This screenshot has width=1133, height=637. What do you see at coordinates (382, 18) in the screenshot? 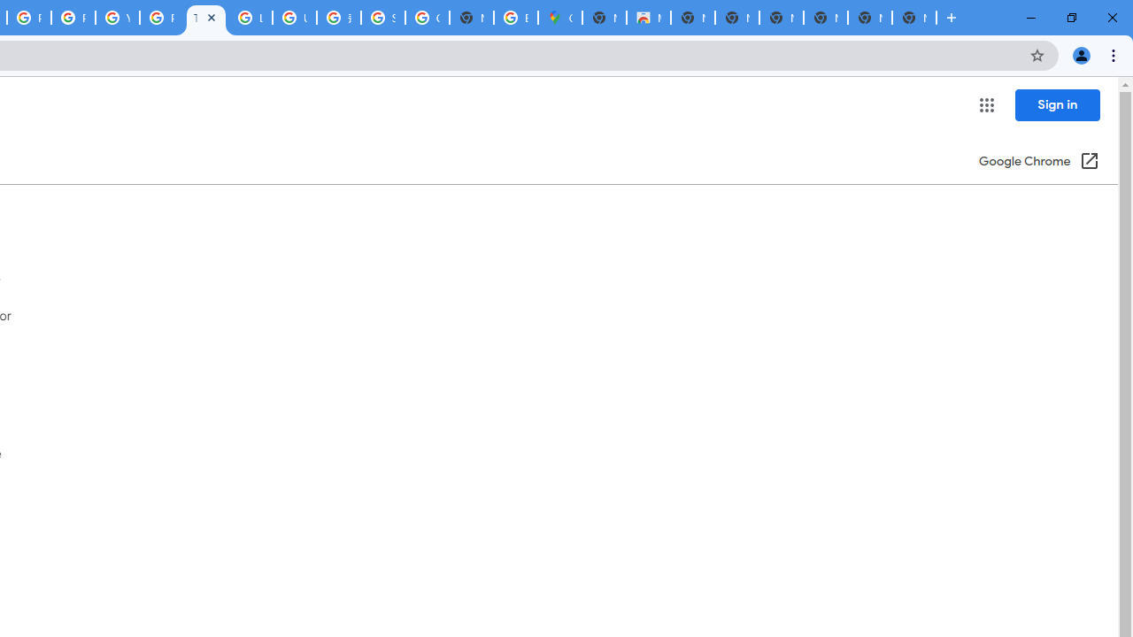
I see `'Sign in - Google Accounts'` at bounding box center [382, 18].